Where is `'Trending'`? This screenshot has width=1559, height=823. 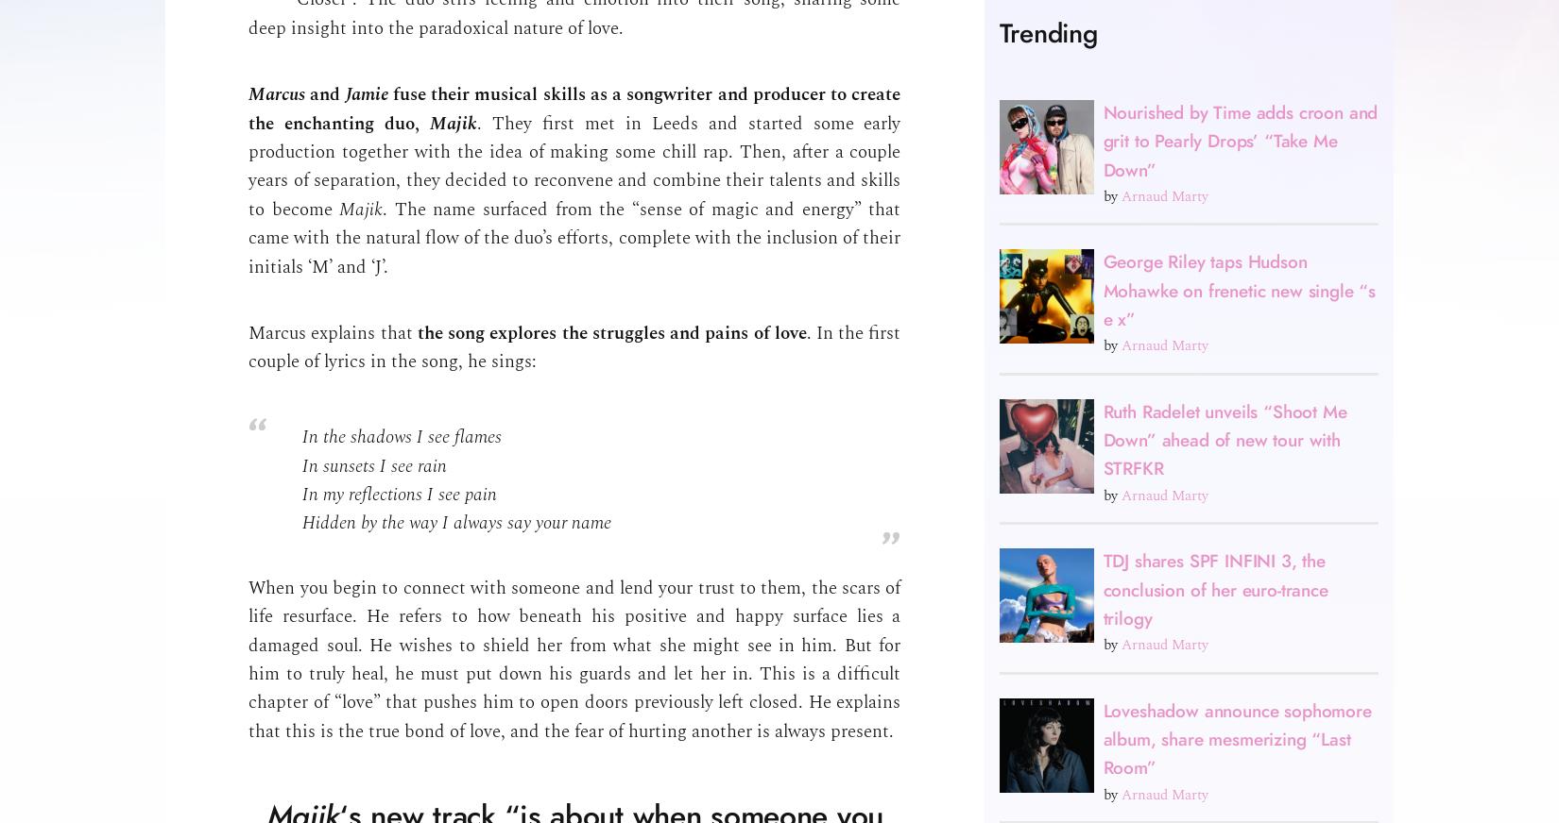
'Trending' is located at coordinates (1047, 31).